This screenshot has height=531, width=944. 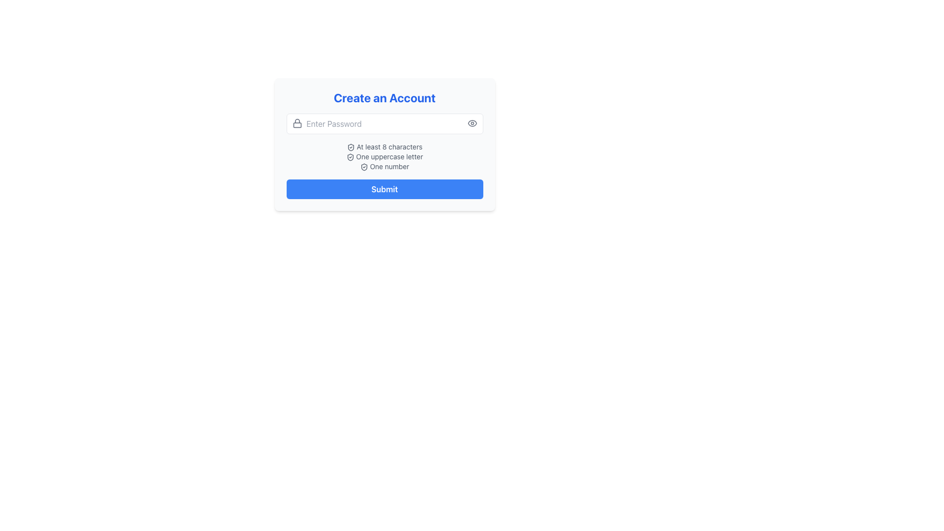 I want to click on the 'Submit' button with a vibrant blue background and white bold text to observe the color change effect, so click(x=384, y=189).